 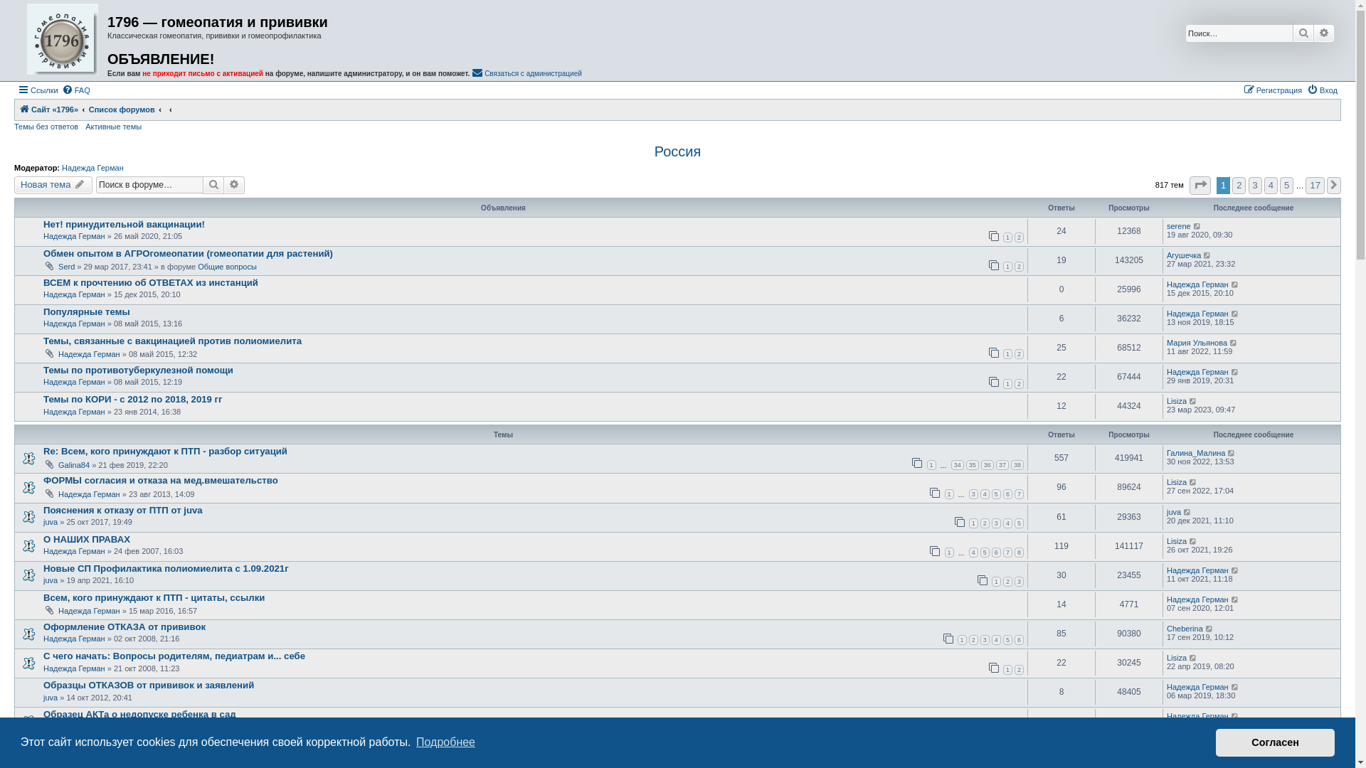 I want to click on '35', so click(x=972, y=465).